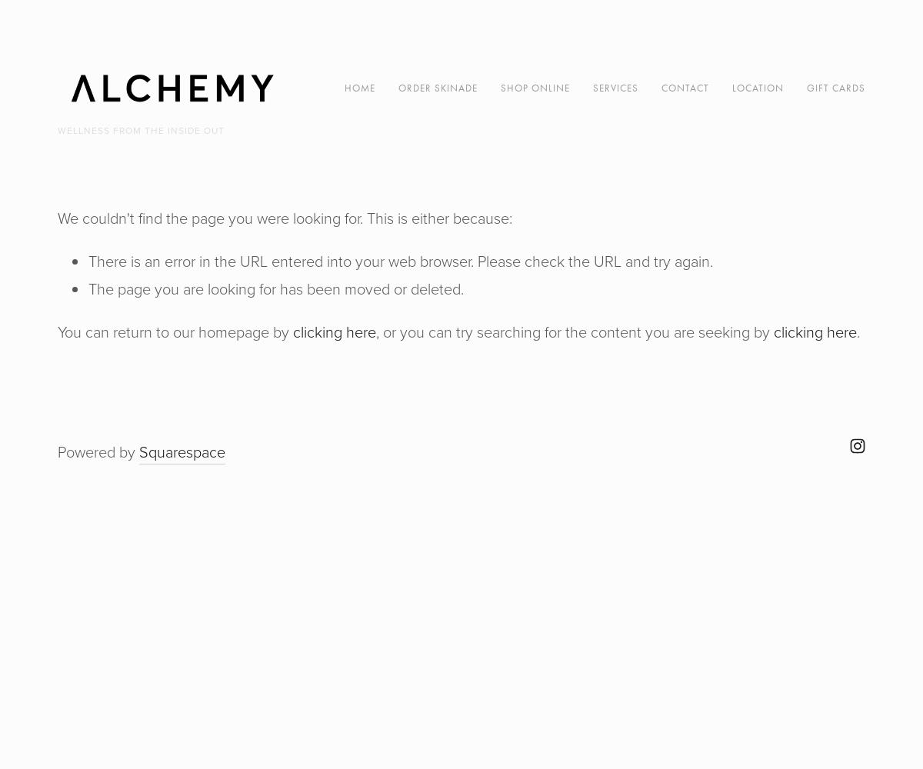 The width and height of the screenshot is (923, 769). What do you see at coordinates (58, 218) in the screenshot?
I see `'We couldn't find the page you were looking for. This is either because:'` at bounding box center [58, 218].